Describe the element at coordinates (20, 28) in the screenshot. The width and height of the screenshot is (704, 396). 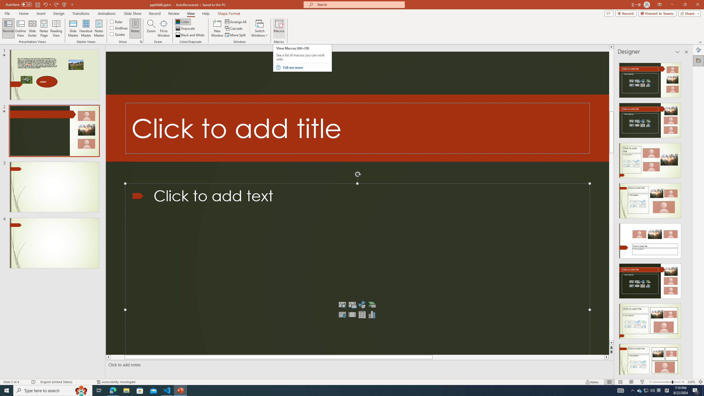
I see `'Outline View'` at that location.